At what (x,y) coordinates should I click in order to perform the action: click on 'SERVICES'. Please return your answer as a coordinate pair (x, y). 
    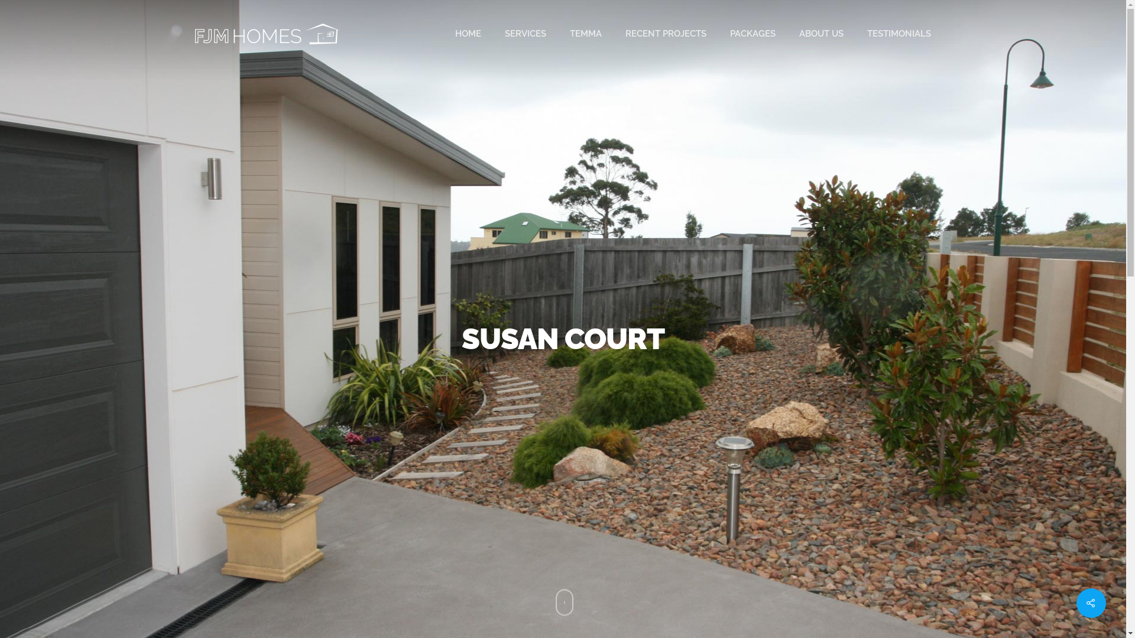
    Looking at the image, I should click on (524, 33).